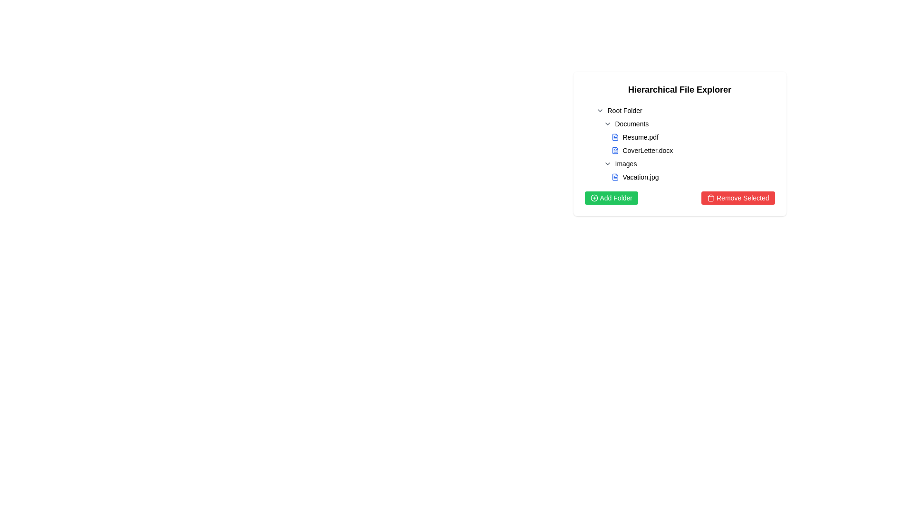  I want to click on the Dropdown Arrow Icon located to the left of the 'Images' label in the file explorer, so click(607, 163).